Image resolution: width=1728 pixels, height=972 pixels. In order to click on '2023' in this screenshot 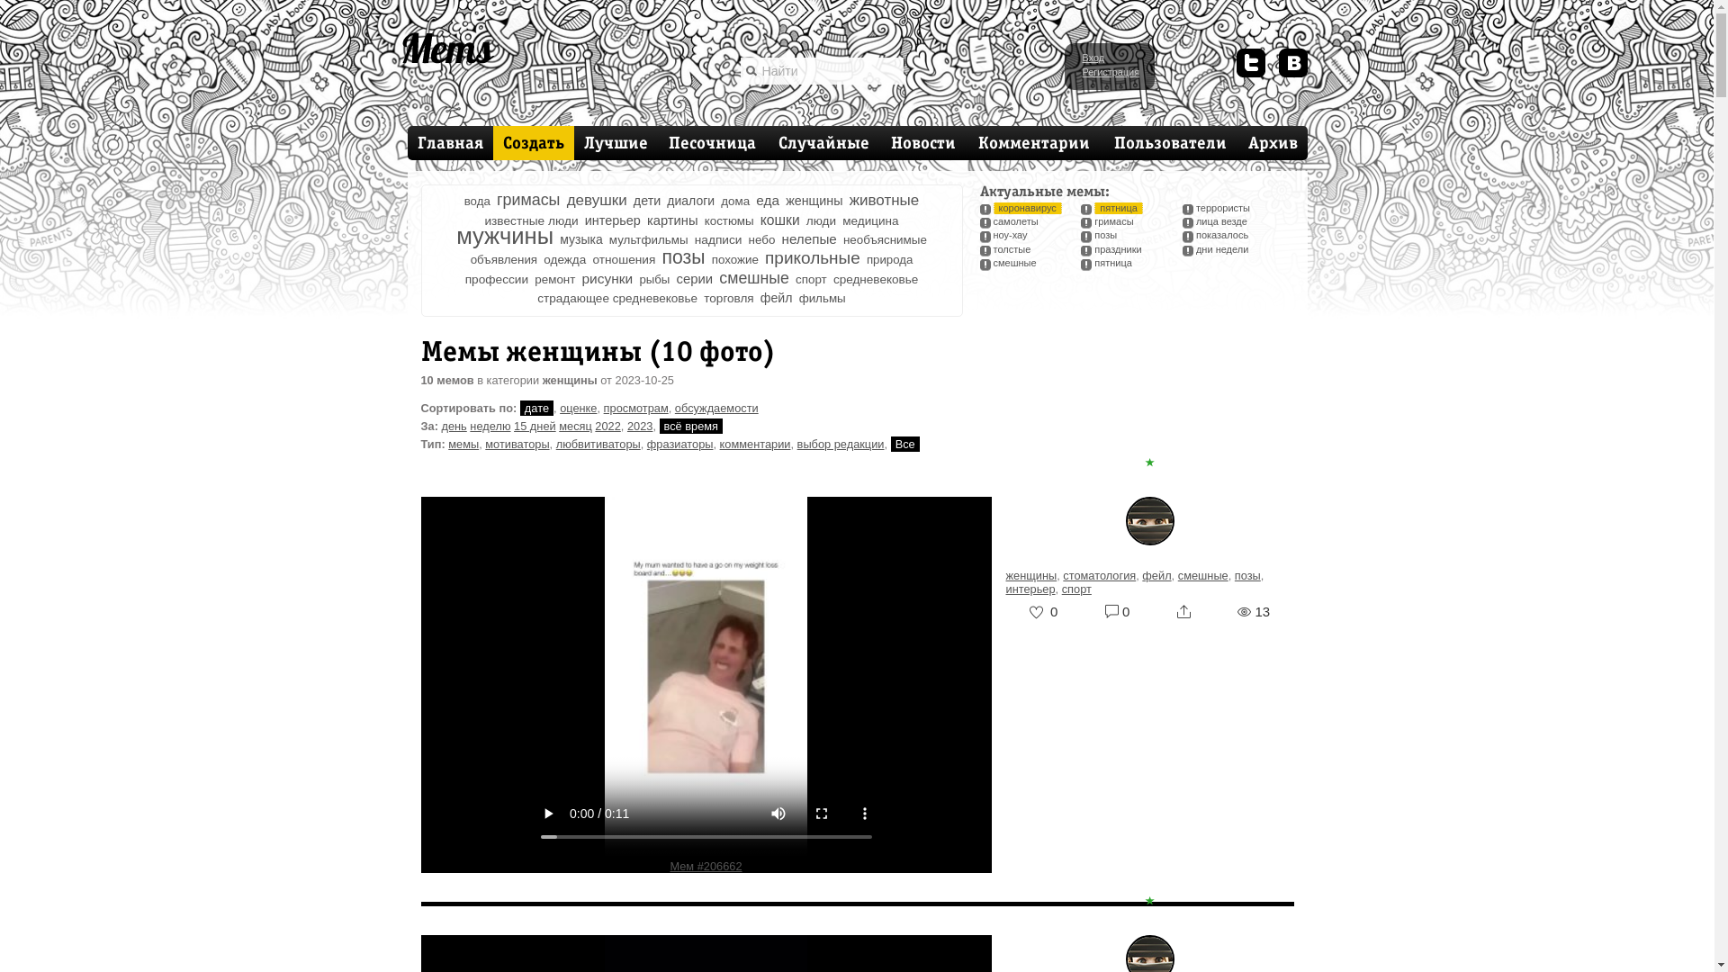, I will do `click(639, 426)`.